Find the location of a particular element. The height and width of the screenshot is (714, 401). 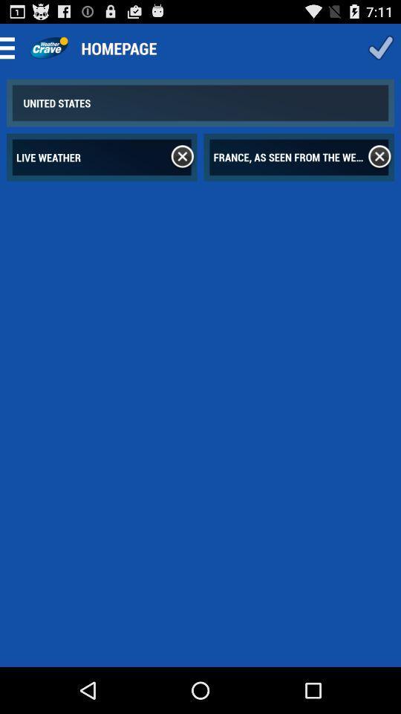

item to the right of the homepage item is located at coordinates (380, 48).